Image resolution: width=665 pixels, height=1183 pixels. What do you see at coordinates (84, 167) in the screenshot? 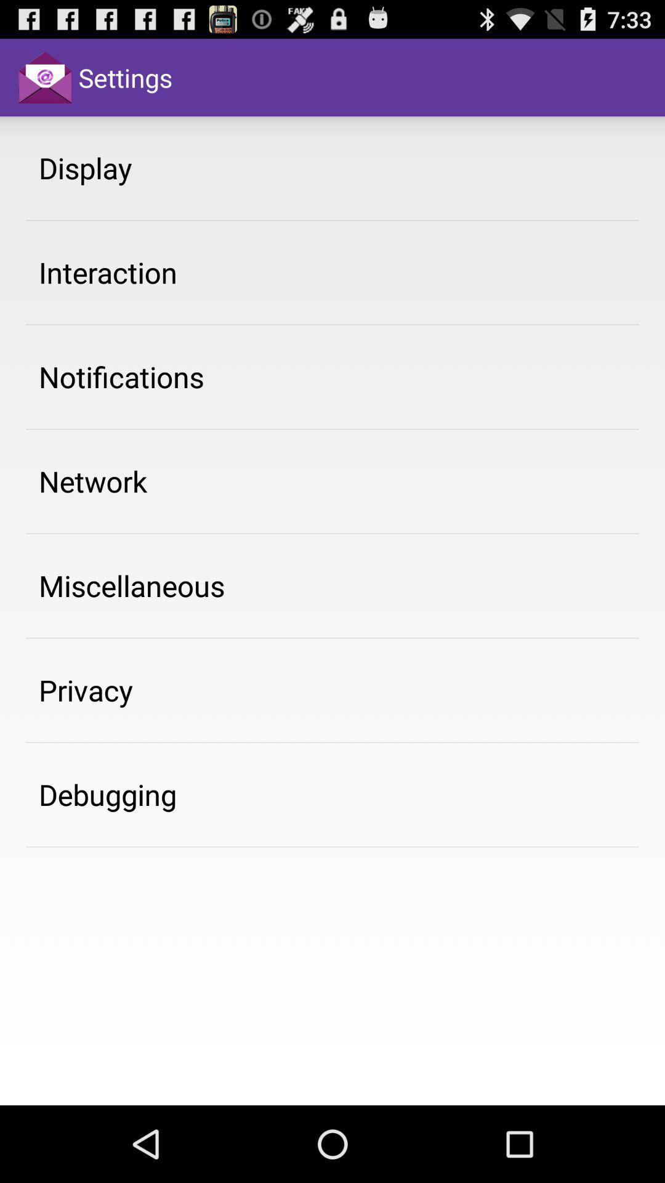
I see `item above interaction app` at bounding box center [84, 167].